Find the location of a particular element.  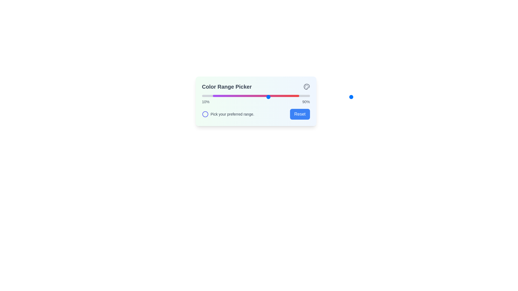

the slider value is located at coordinates (210, 95).